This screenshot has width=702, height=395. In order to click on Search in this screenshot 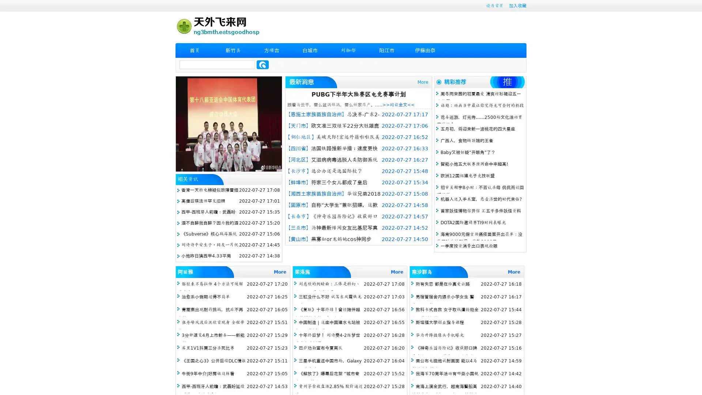, I will do `click(263, 64)`.